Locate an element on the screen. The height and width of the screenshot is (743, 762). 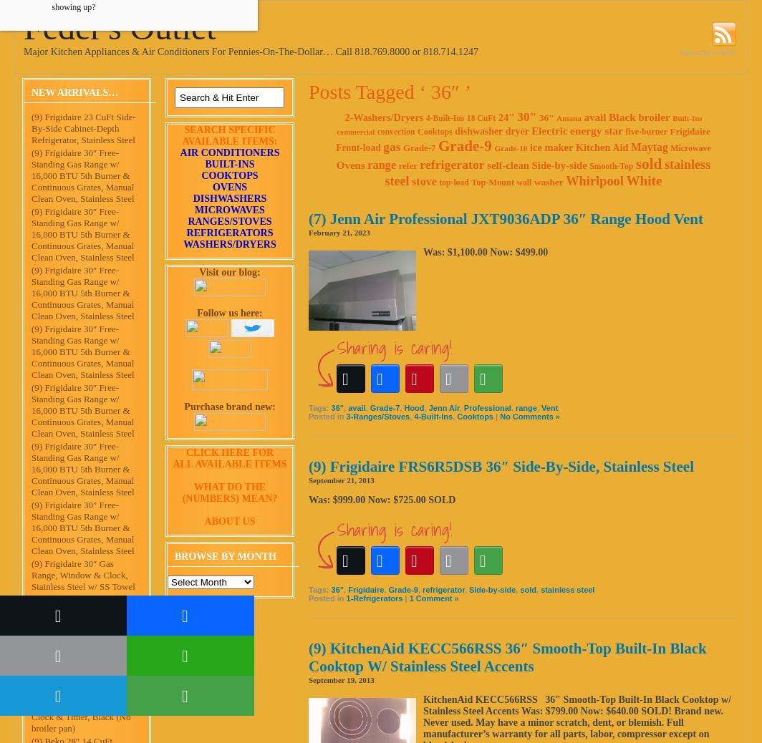
'Major Kitchen Appliances & Air Conditioners For Pennies-On-The-Dollar… Call 818.769.8000 or 818.714.1247' is located at coordinates (250, 51).